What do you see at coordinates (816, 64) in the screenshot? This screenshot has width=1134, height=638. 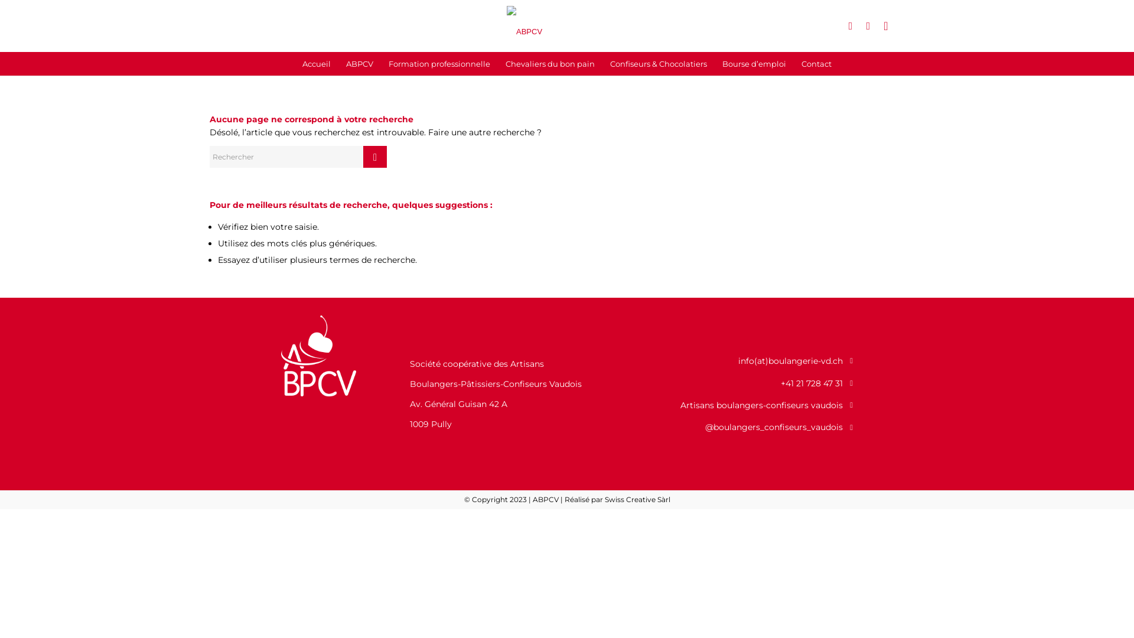 I see `'Contact'` at bounding box center [816, 64].